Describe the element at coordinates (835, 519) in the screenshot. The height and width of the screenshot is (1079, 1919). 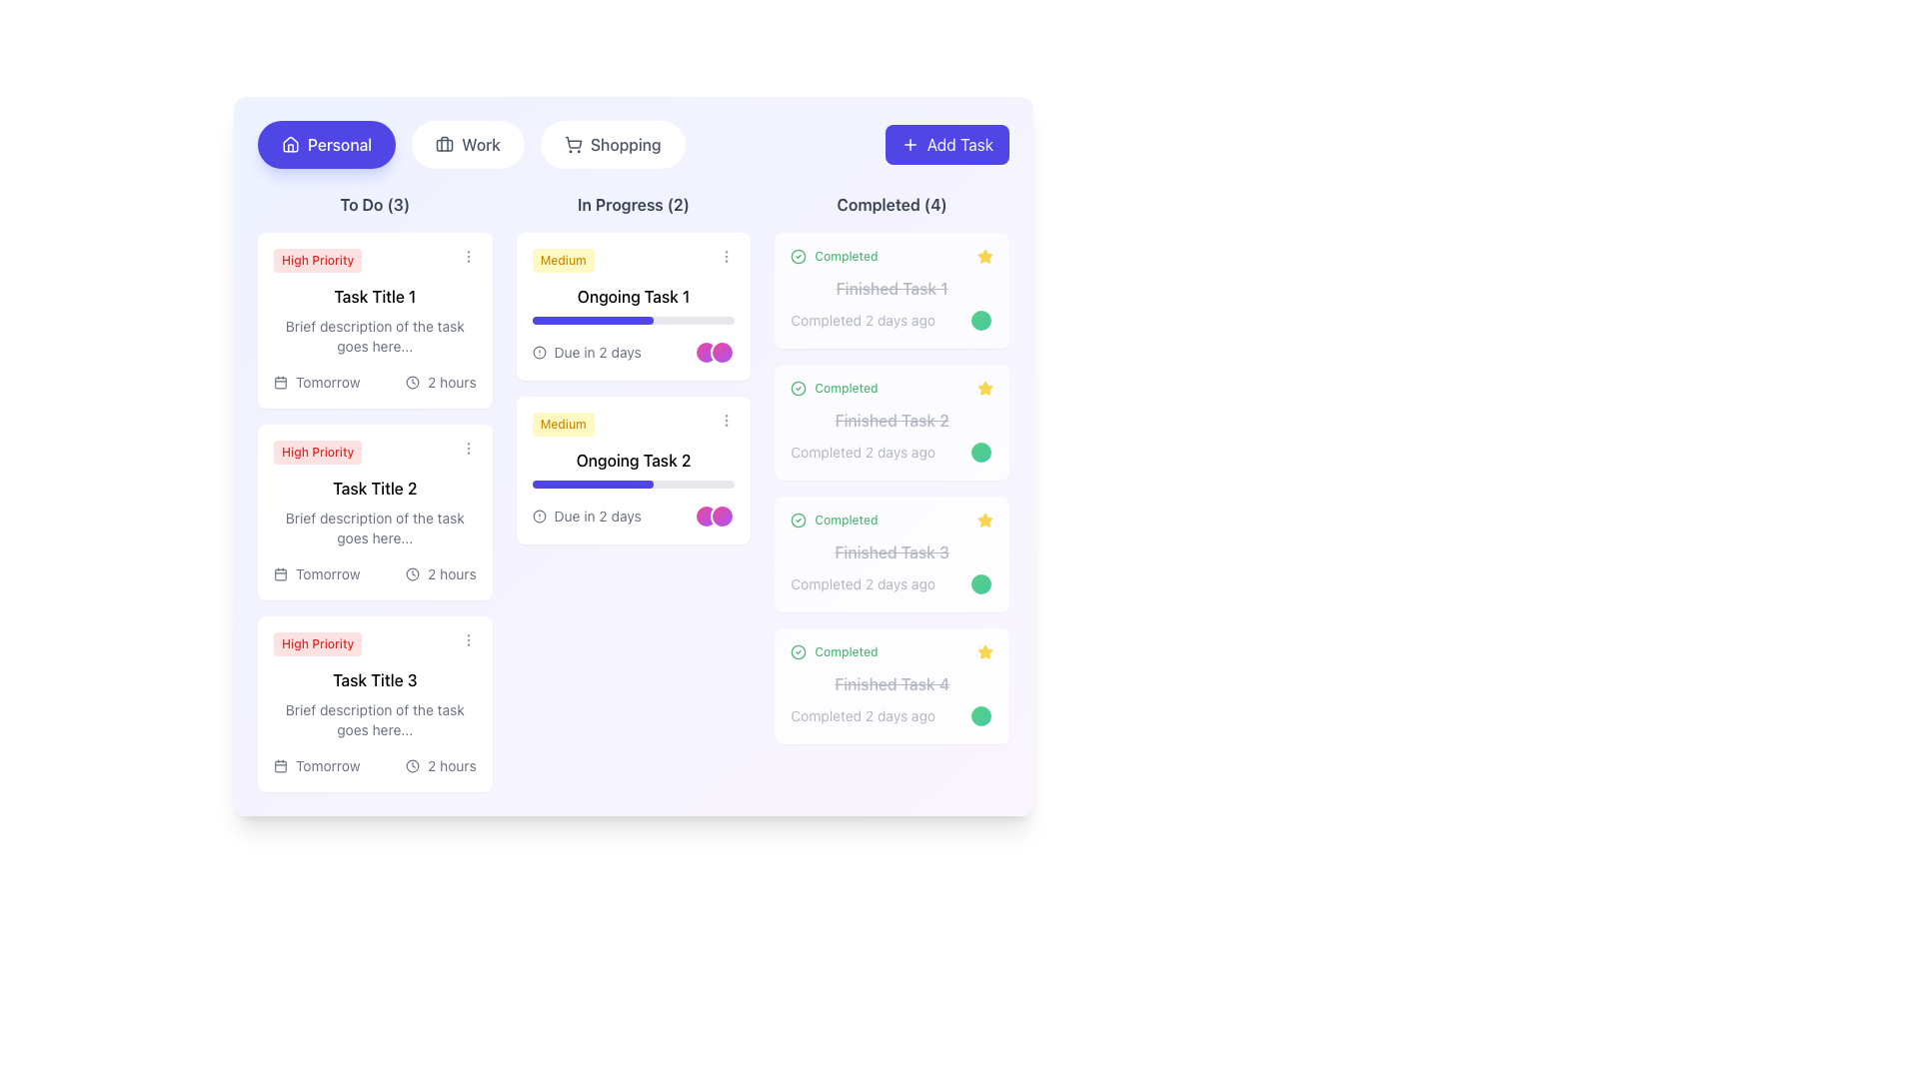
I see `the status indicator text label with icon located in the 'Completed' column, specifically in the third task card, to visually communicate that the associated task has been successfully completed` at that location.